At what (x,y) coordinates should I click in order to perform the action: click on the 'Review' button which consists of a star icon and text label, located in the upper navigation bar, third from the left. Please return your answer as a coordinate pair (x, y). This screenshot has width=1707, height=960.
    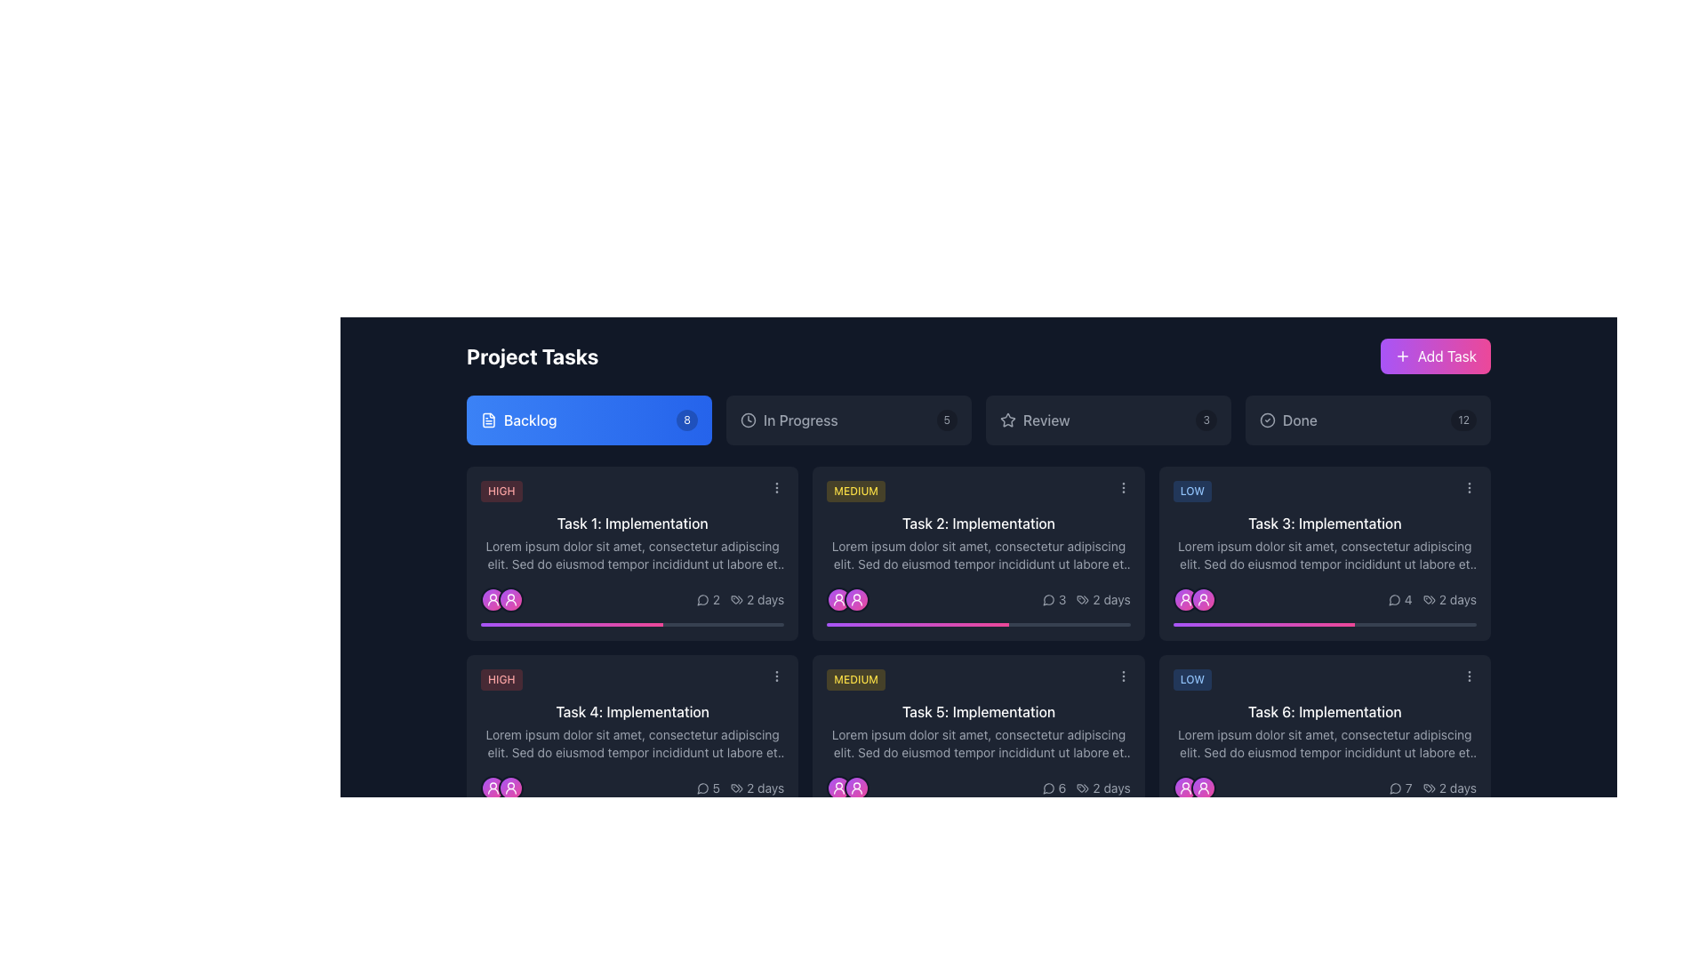
    Looking at the image, I should click on (1035, 420).